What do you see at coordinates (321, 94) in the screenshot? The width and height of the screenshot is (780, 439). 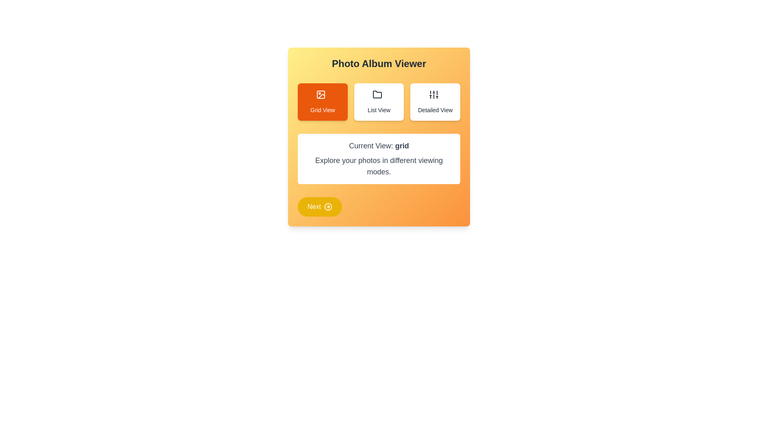 I see `the icon resembling an image symbol with an orange background located in the first button of the 'Photo Album Viewer' panel` at bounding box center [321, 94].